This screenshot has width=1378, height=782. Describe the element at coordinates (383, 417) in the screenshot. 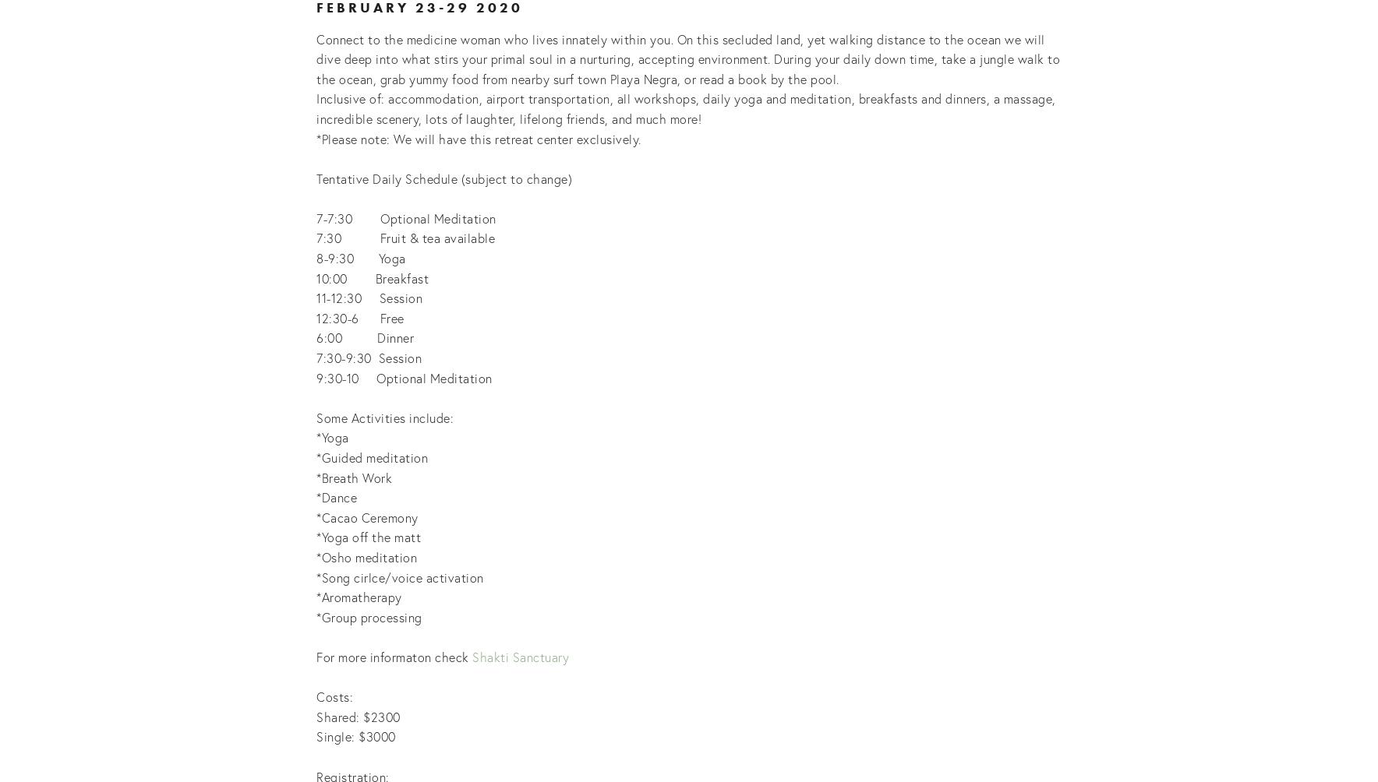

I see `'Some Activities include:'` at that location.